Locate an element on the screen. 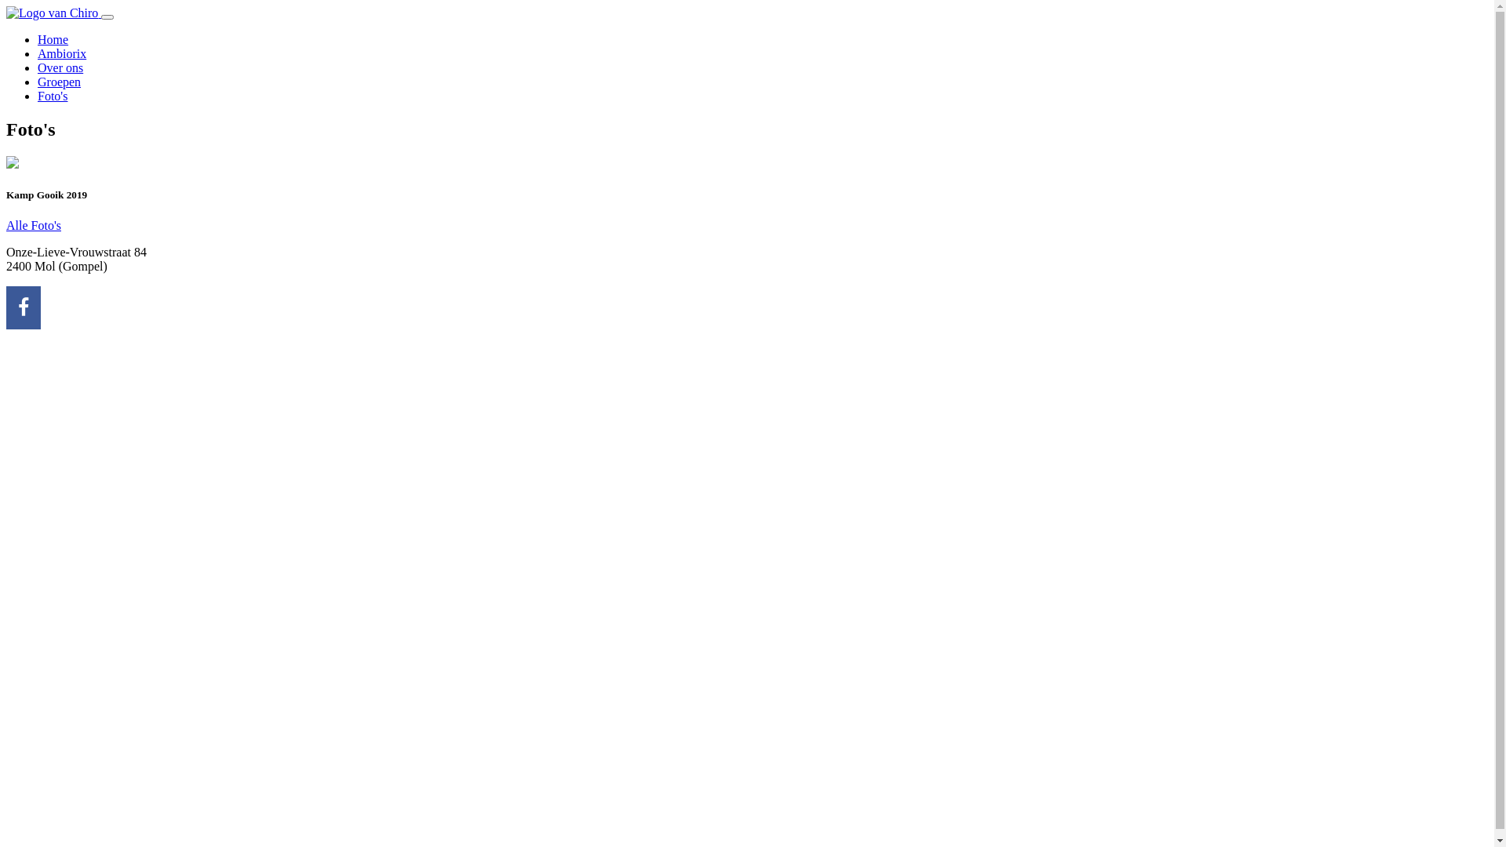 The height and width of the screenshot is (847, 1506). 'Over ons' is located at coordinates (60, 67).